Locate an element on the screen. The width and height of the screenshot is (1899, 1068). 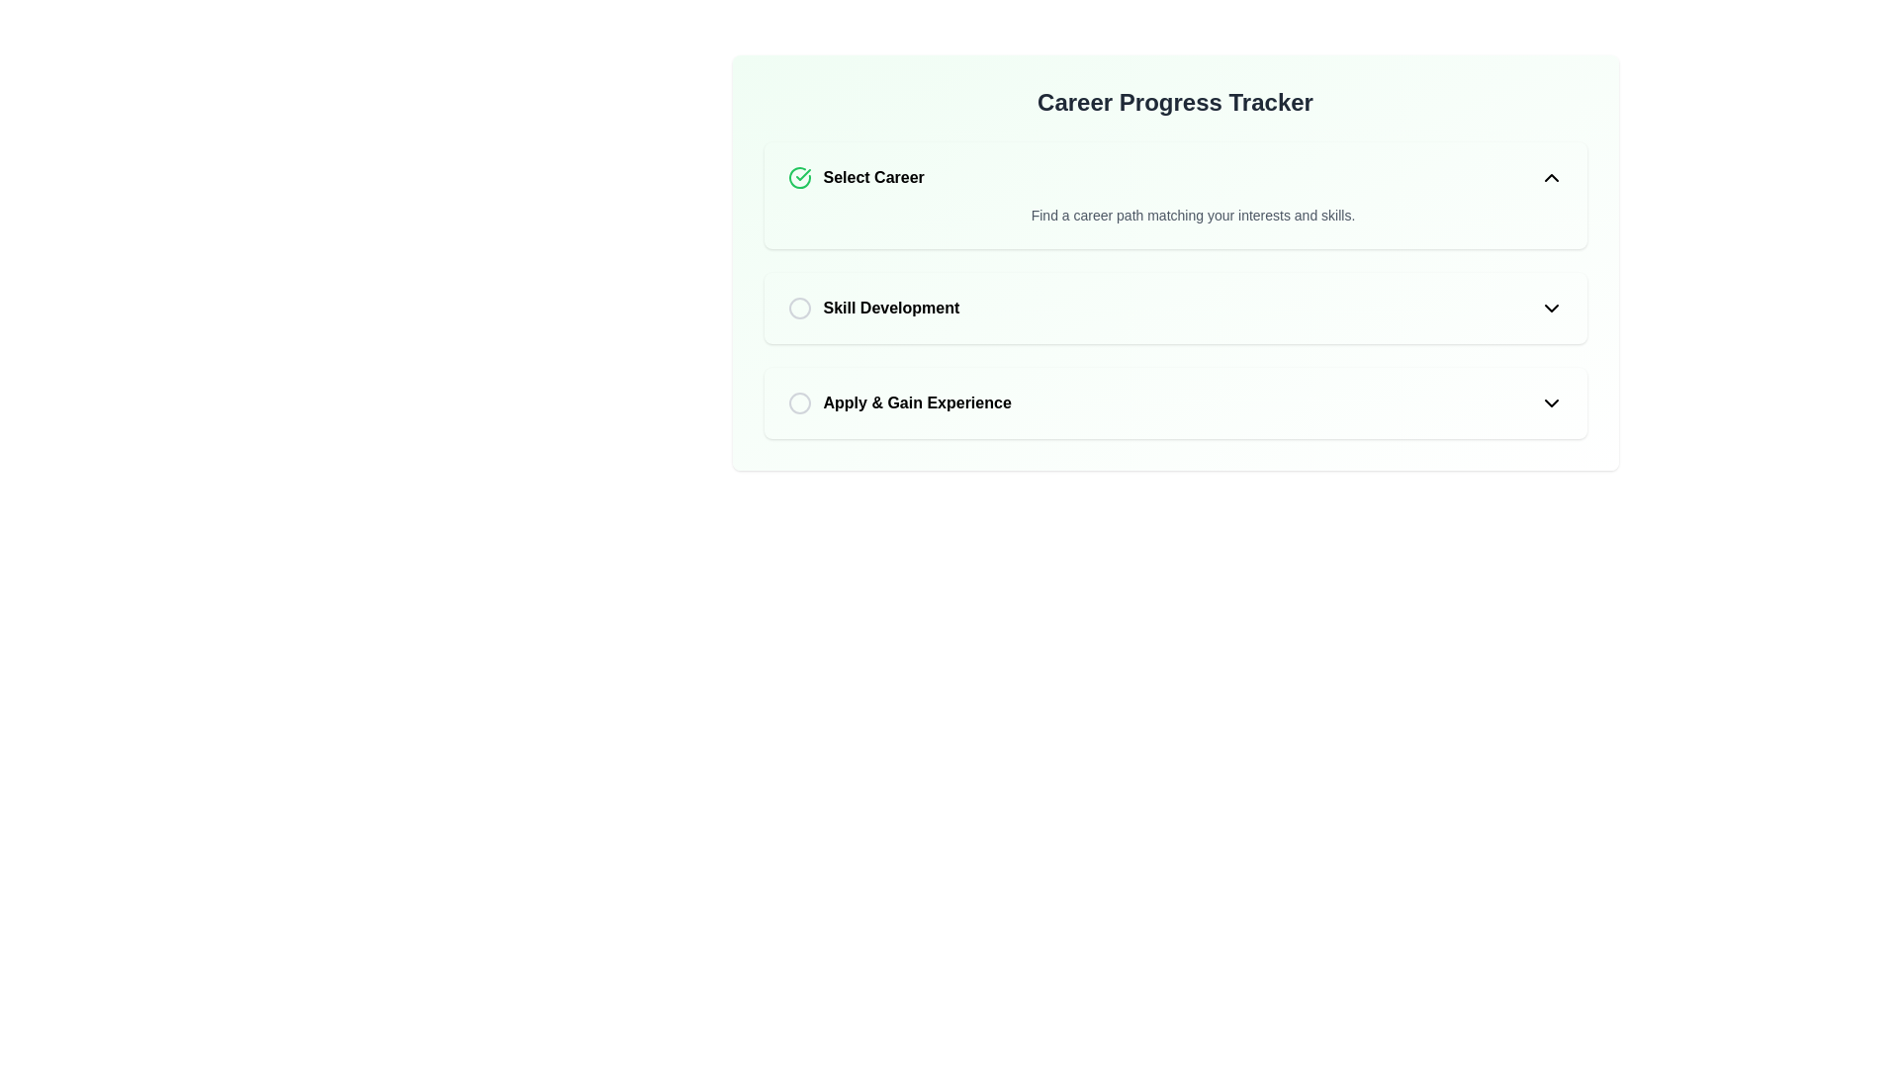
the 'Skill Development' text label, which is the second item in the list under the 'Career Progress Tracker' header is located at coordinates (890, 309).